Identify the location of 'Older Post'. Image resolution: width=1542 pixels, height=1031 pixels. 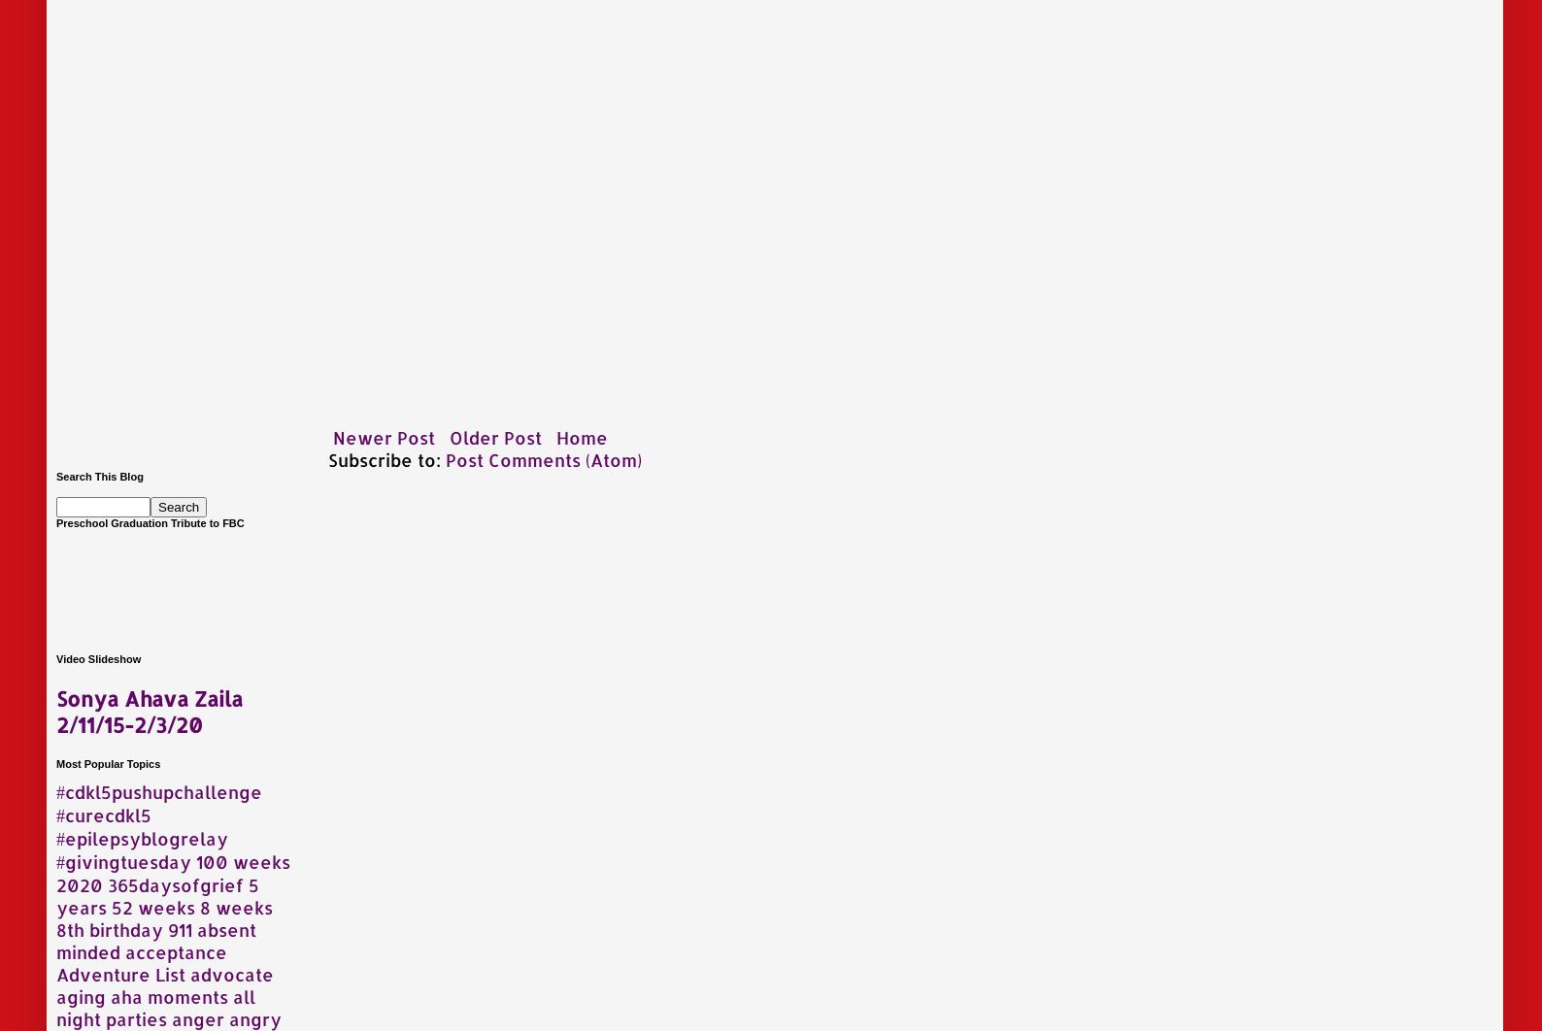
(494, 435).